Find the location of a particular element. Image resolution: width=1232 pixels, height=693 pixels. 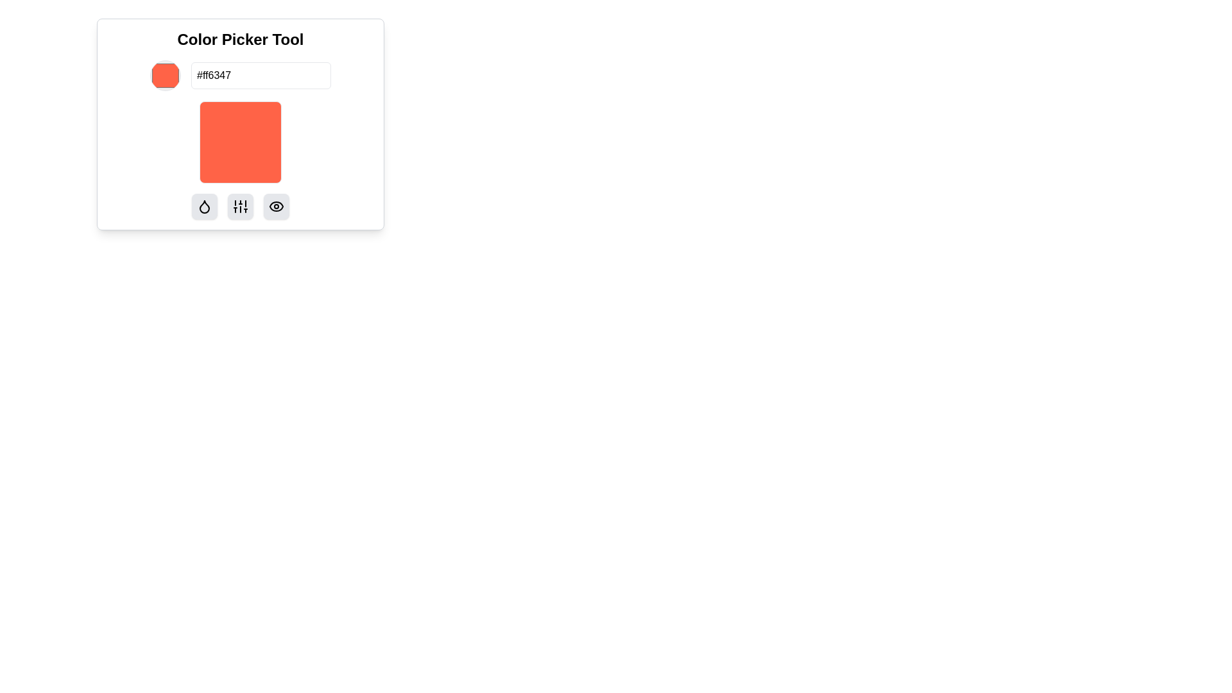

the second button in the horizontal row of buttons at the bottom of the Color Picker Tool interface is located at coordinates (240, 205).